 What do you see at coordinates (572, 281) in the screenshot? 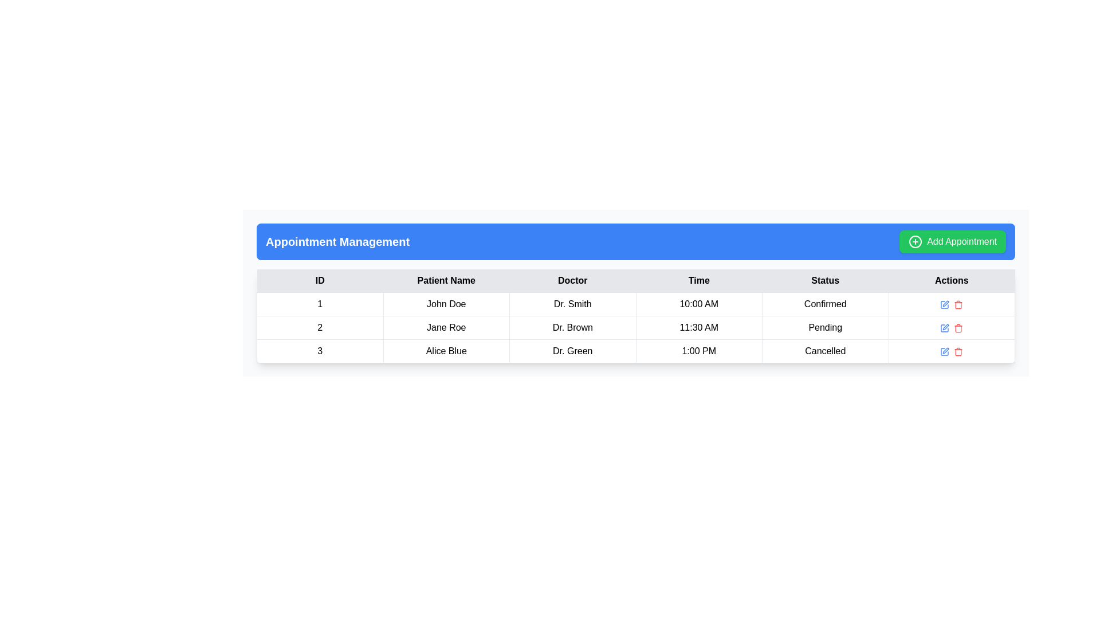
I see `the 'Doctor' column header in the table, which is the third header positioned between 'Patient Name' and 'Time'` at bounding box center [572, 281].